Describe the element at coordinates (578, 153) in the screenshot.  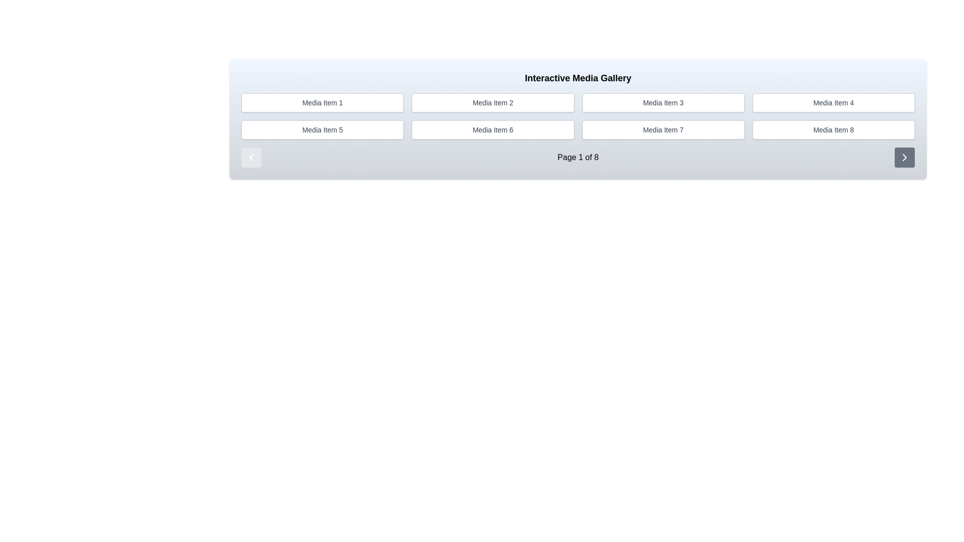
I see `the text label that displays the current page index and total number of pages in the gallery, which is centered in the bottom bar of the 'Interactive Media Gallery' between navigation buttons` at that location.